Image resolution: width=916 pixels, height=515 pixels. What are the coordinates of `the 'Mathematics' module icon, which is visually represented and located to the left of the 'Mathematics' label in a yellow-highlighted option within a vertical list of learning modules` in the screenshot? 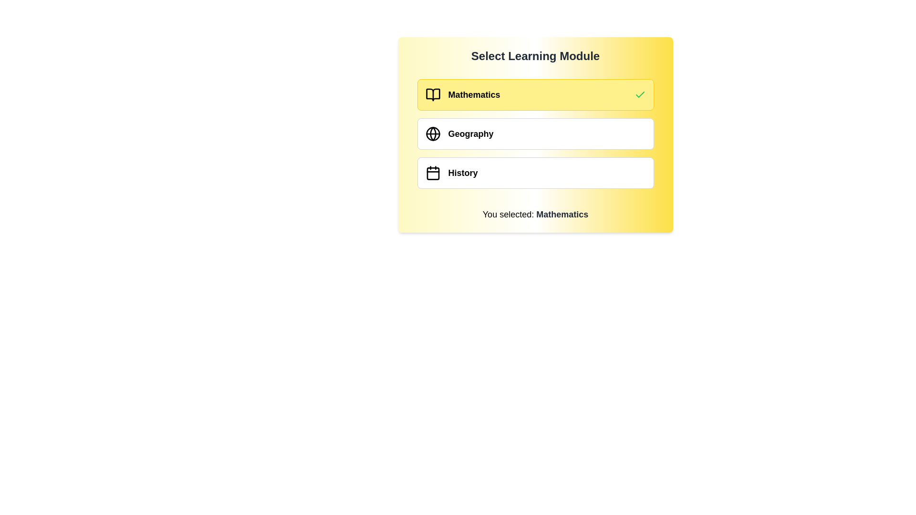 It's located at (432, 95).